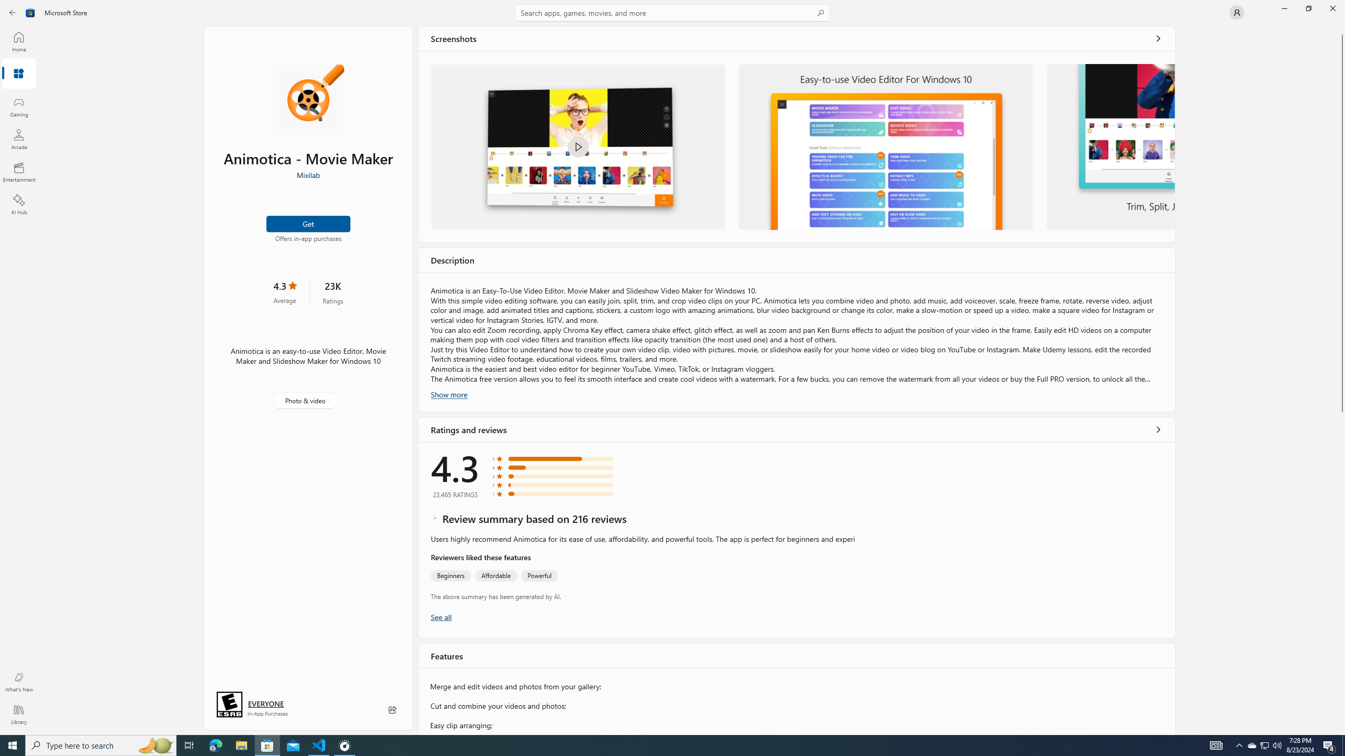 Image resolution: width=1345 pixels, height=756 pixels. Describe the element at coordinates (1284, 8) in the screenshot. I see `'Minimize Microsoft Store'` at that location.